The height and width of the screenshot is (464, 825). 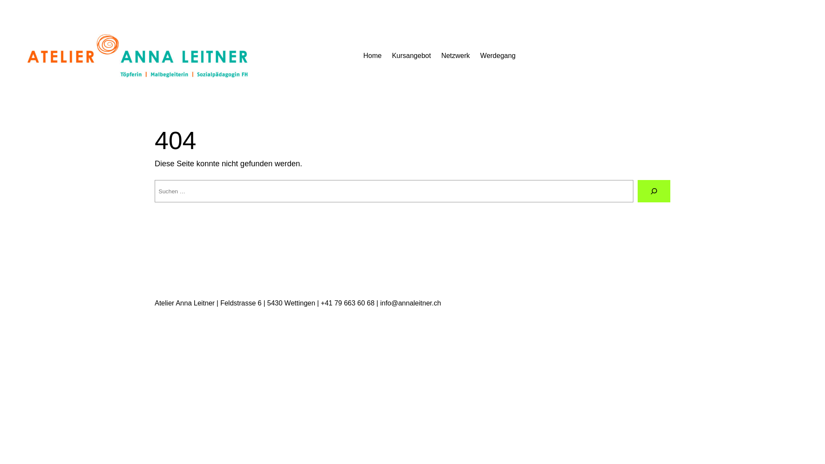 What do you see at coordinates (411, 56) in the screenshot?
I see `'Kursangebot'` at bounding box center [411, 56].